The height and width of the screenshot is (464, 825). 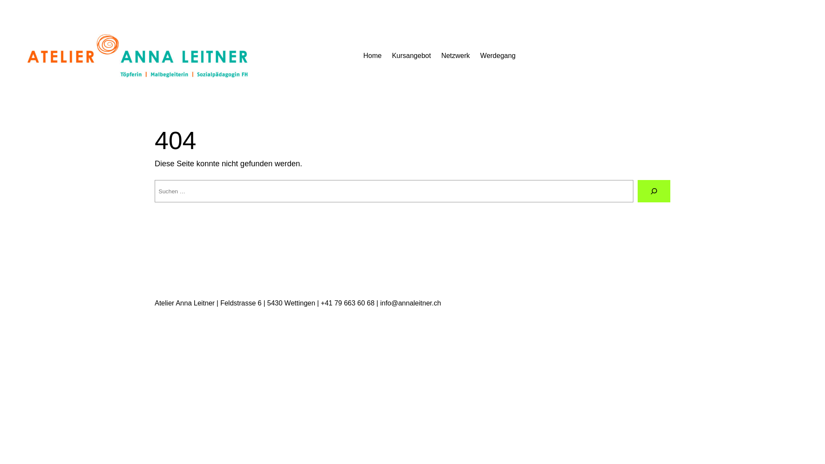 What do you see at coordinates (411, 56) in the screenshot?
I see `'Kursangebot'` at bounding box center [411, 56].